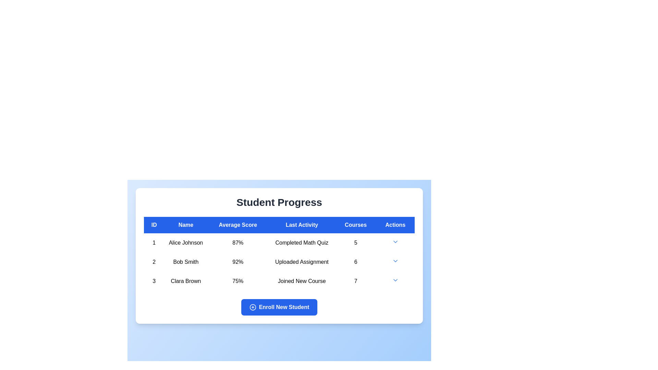 Image resolution: width=658 pixels, height=370 pixels. Describe the element at coordinates (186, 262) in the screenshot. I see `the text element displaying 'Bob Smith' located in the second row of the table under the 'Name' column` at that location.